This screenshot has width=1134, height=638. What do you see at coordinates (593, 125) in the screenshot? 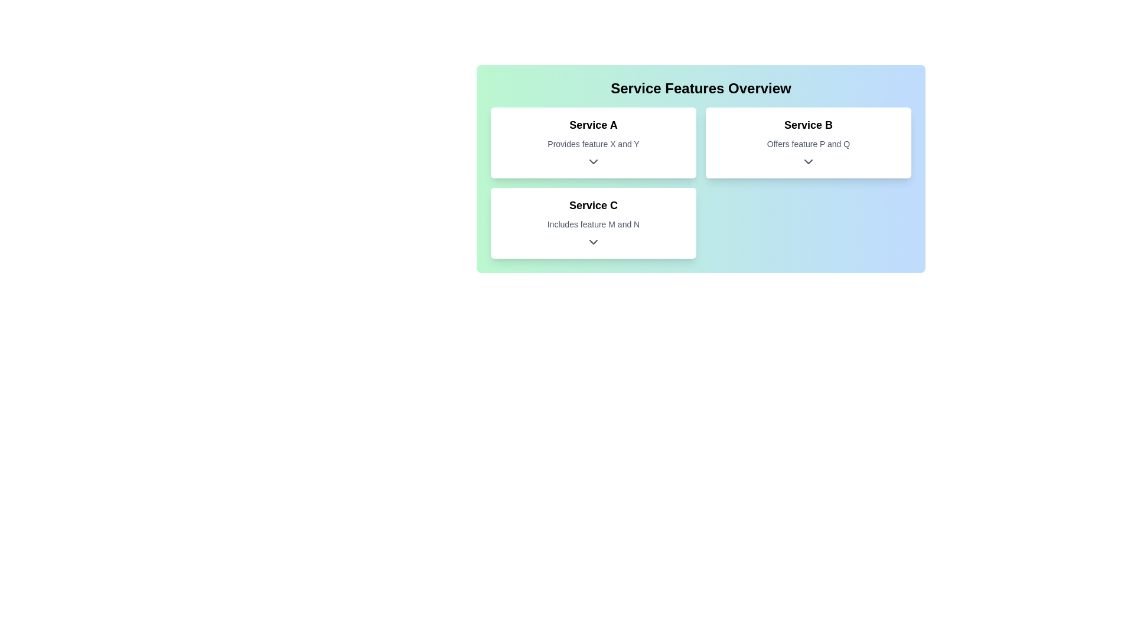
I see `the bold, black text label 'Service A' which is centrally aligned at the top of a white card with rounded corners` at bounding box center [593, 125].